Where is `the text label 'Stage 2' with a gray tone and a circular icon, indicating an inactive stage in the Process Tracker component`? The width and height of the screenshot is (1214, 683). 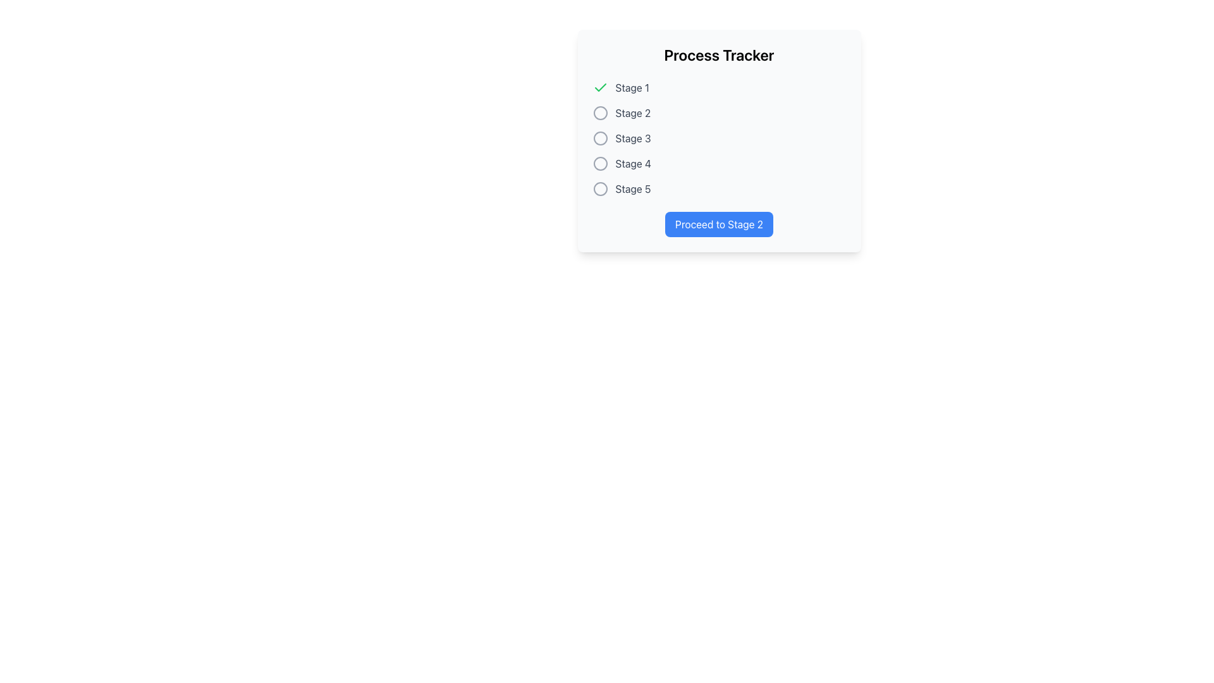 the text label 'Stage 2' with a gray tone and a circular icon, indicating an inactive stage in the Process Tracker component is located at coordinates (622, 112).